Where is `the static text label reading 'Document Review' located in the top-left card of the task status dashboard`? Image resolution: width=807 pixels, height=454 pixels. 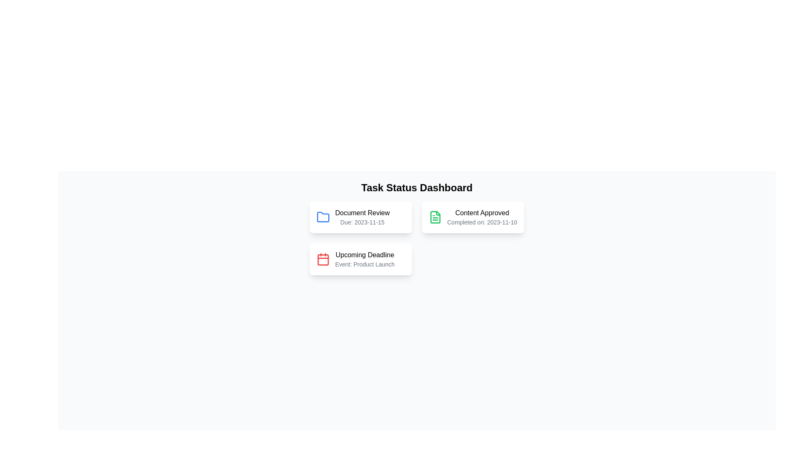
the static text label reading 'Document Review' located in the top-left card of the task status dashboard is located at coordinates (362, 212).